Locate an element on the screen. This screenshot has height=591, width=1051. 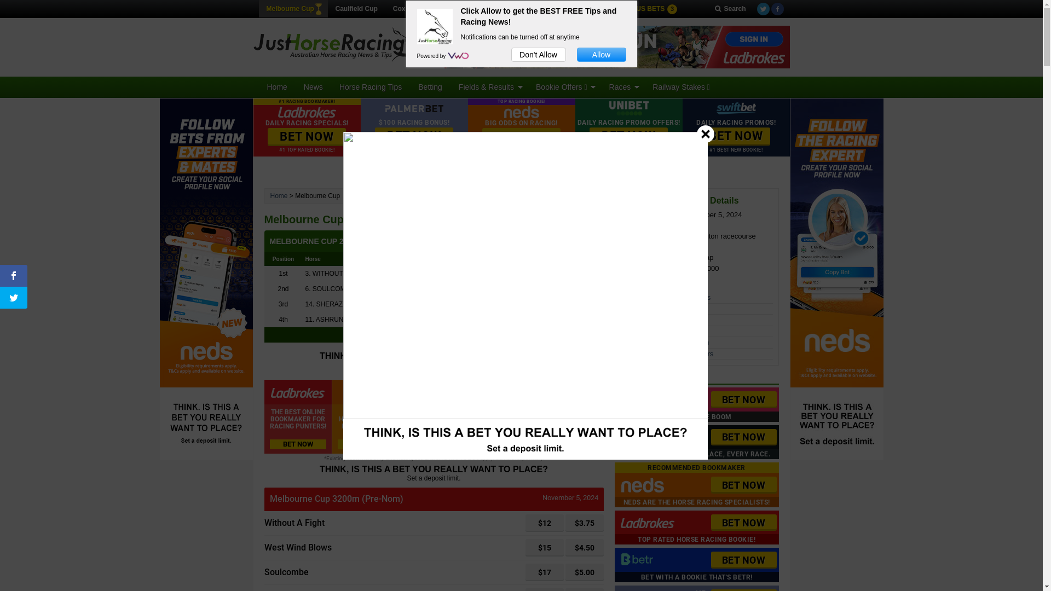
'Don't Allow' is located at coordinates (511, 55).